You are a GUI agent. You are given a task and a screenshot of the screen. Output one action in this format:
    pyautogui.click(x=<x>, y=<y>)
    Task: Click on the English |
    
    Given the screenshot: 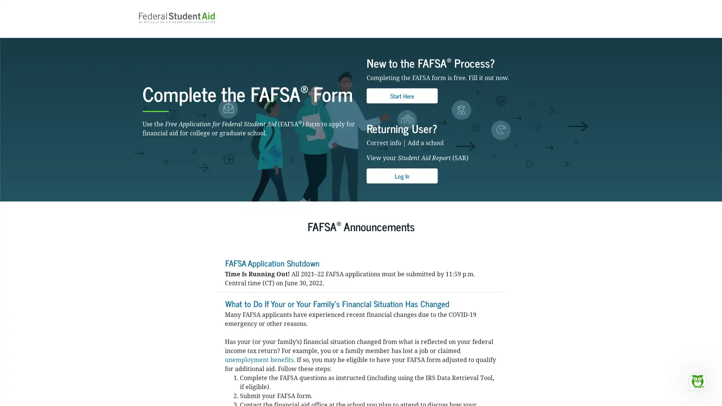 What is the action you would take?
    pyautogui.click(x=554, y=6)
    